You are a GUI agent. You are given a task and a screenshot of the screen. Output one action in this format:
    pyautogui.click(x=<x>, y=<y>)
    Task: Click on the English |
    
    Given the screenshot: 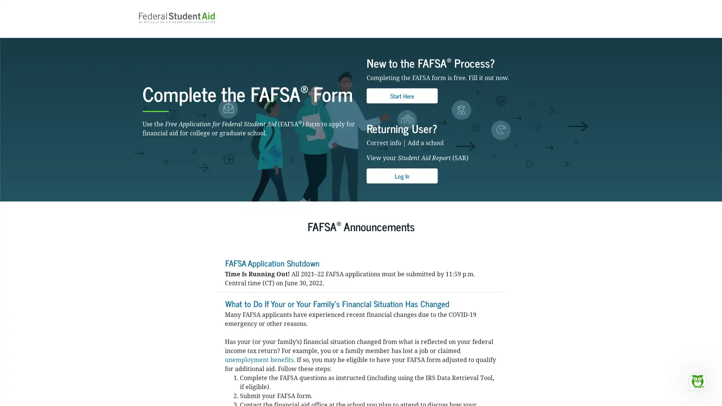 What is the action you would take?
    pyautogui.click(x=554, y=6)
    